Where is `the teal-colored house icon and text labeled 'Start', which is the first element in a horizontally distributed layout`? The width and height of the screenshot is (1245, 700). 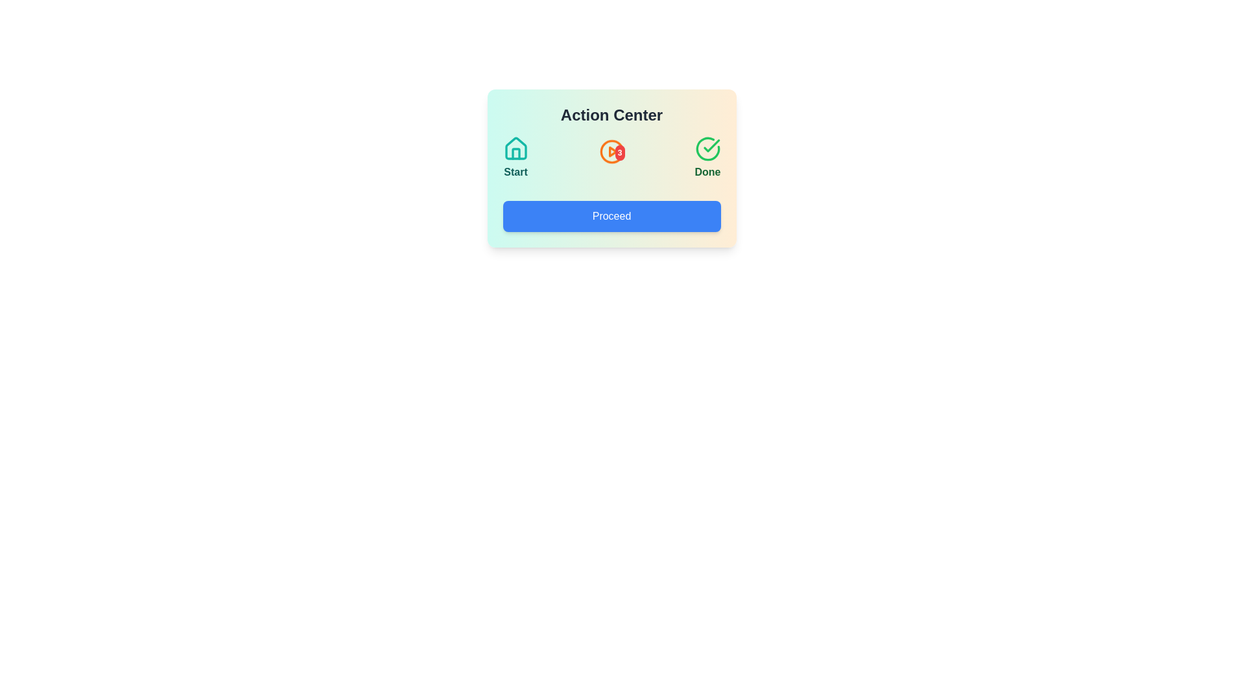 the teal-colored house icon and text labeled 'Start', which is the first element in a horizontally distributed layout is located at coordinates (515, 157).